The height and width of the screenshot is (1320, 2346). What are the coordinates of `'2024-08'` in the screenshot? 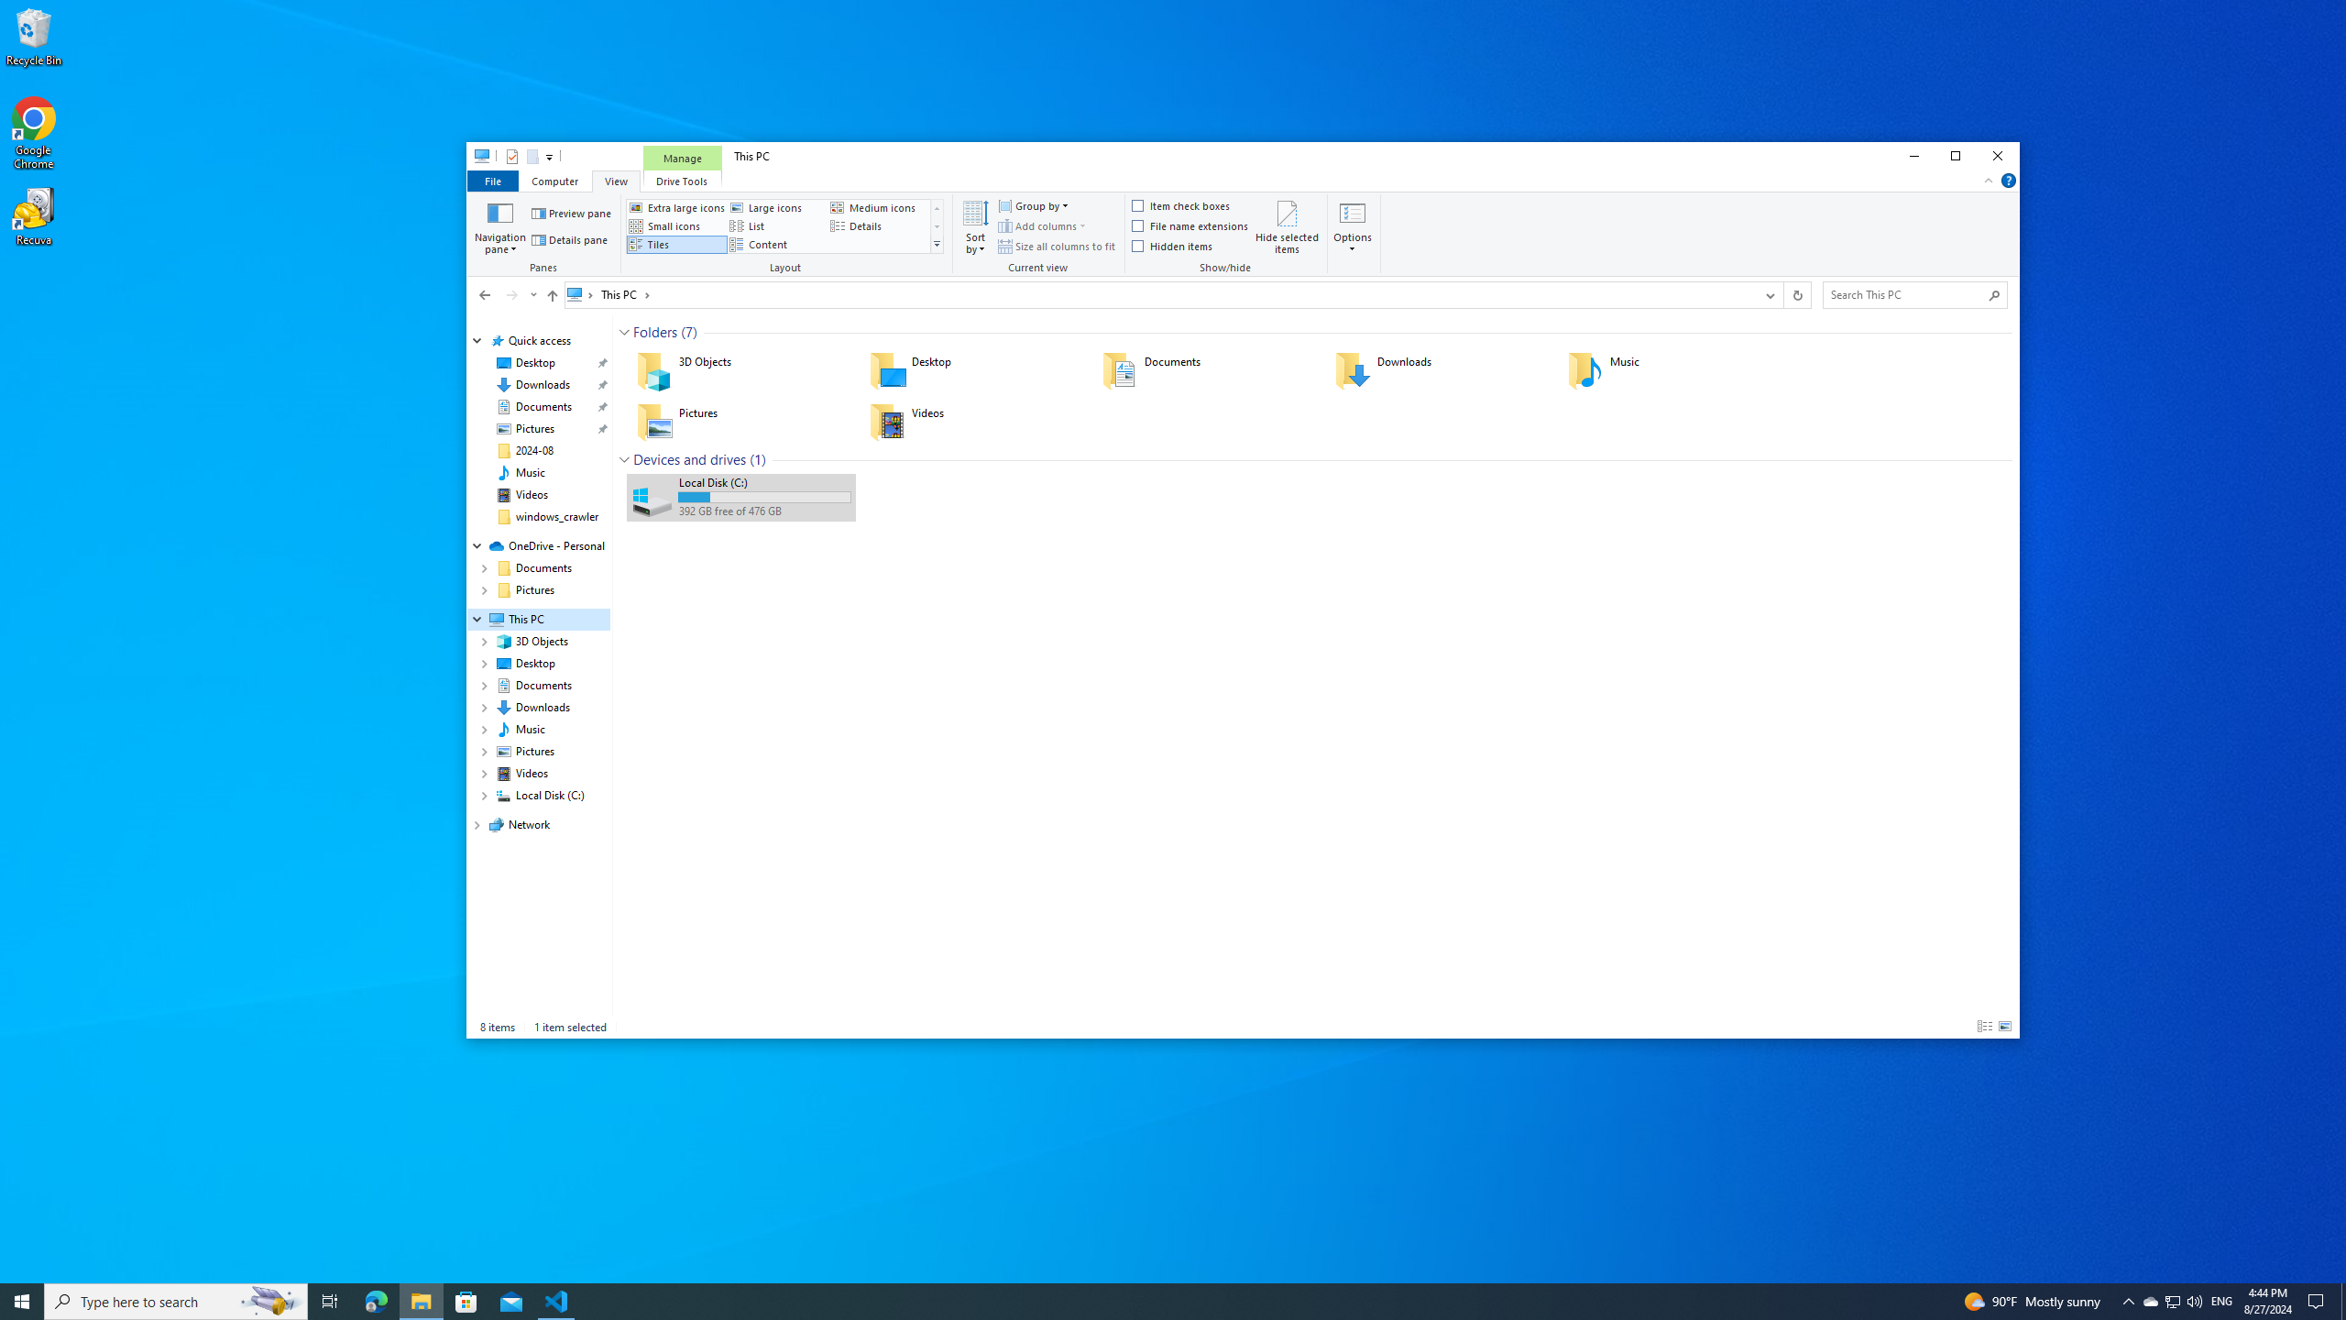 It's located at (533, 449).